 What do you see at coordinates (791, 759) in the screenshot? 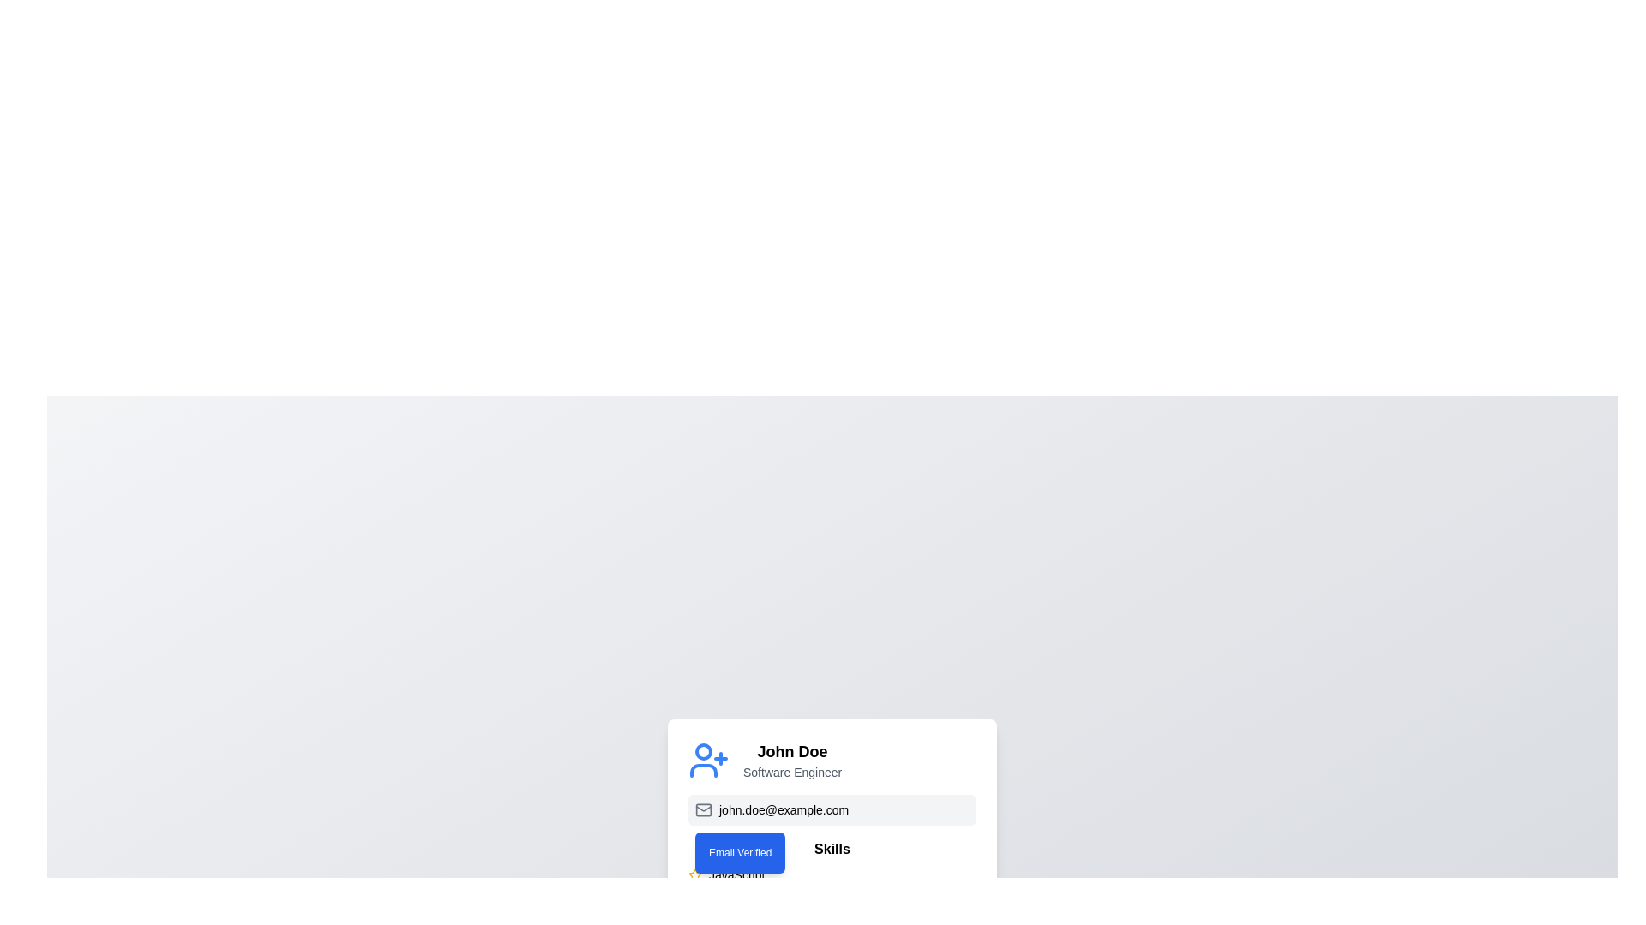
I see `the Text Display element that shows 'John Doe' in bold and 'Software Engineer' in smaller gray font, centrally aligned and located adjacent to a blue person icon` at bounding box center [791, 759].